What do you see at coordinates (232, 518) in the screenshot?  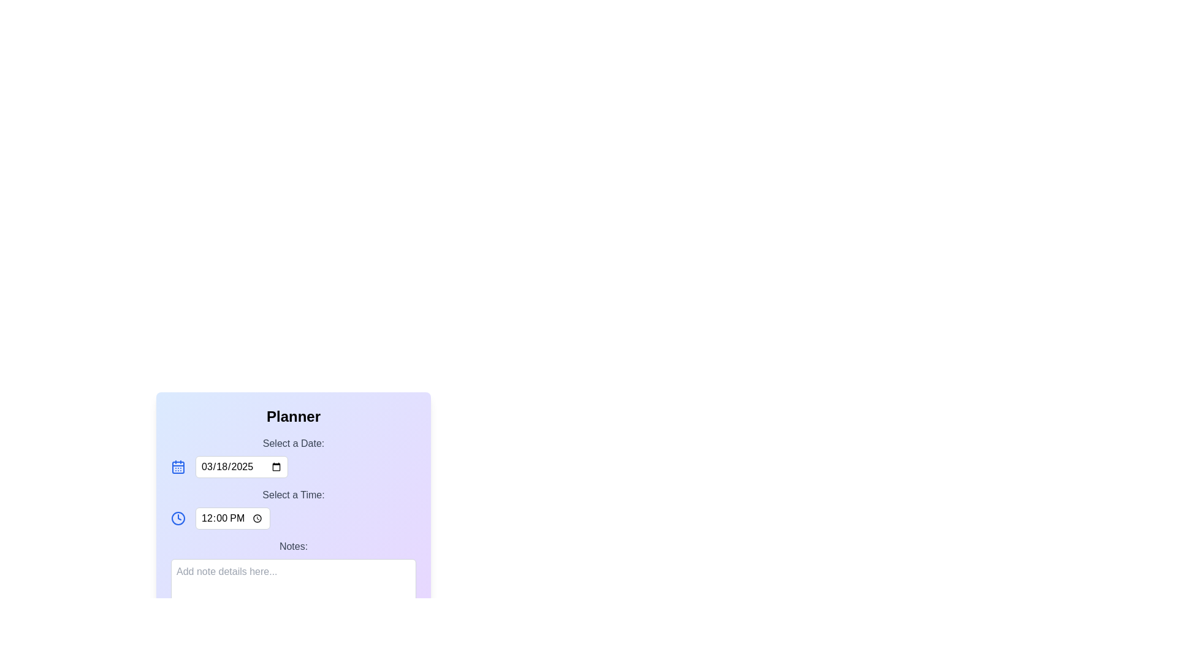 I see `the Time Input element located under 'Select a Date' and to the right of the clock icon, which allows the user to specify or adjust a time` at bounding box center [232, 518].